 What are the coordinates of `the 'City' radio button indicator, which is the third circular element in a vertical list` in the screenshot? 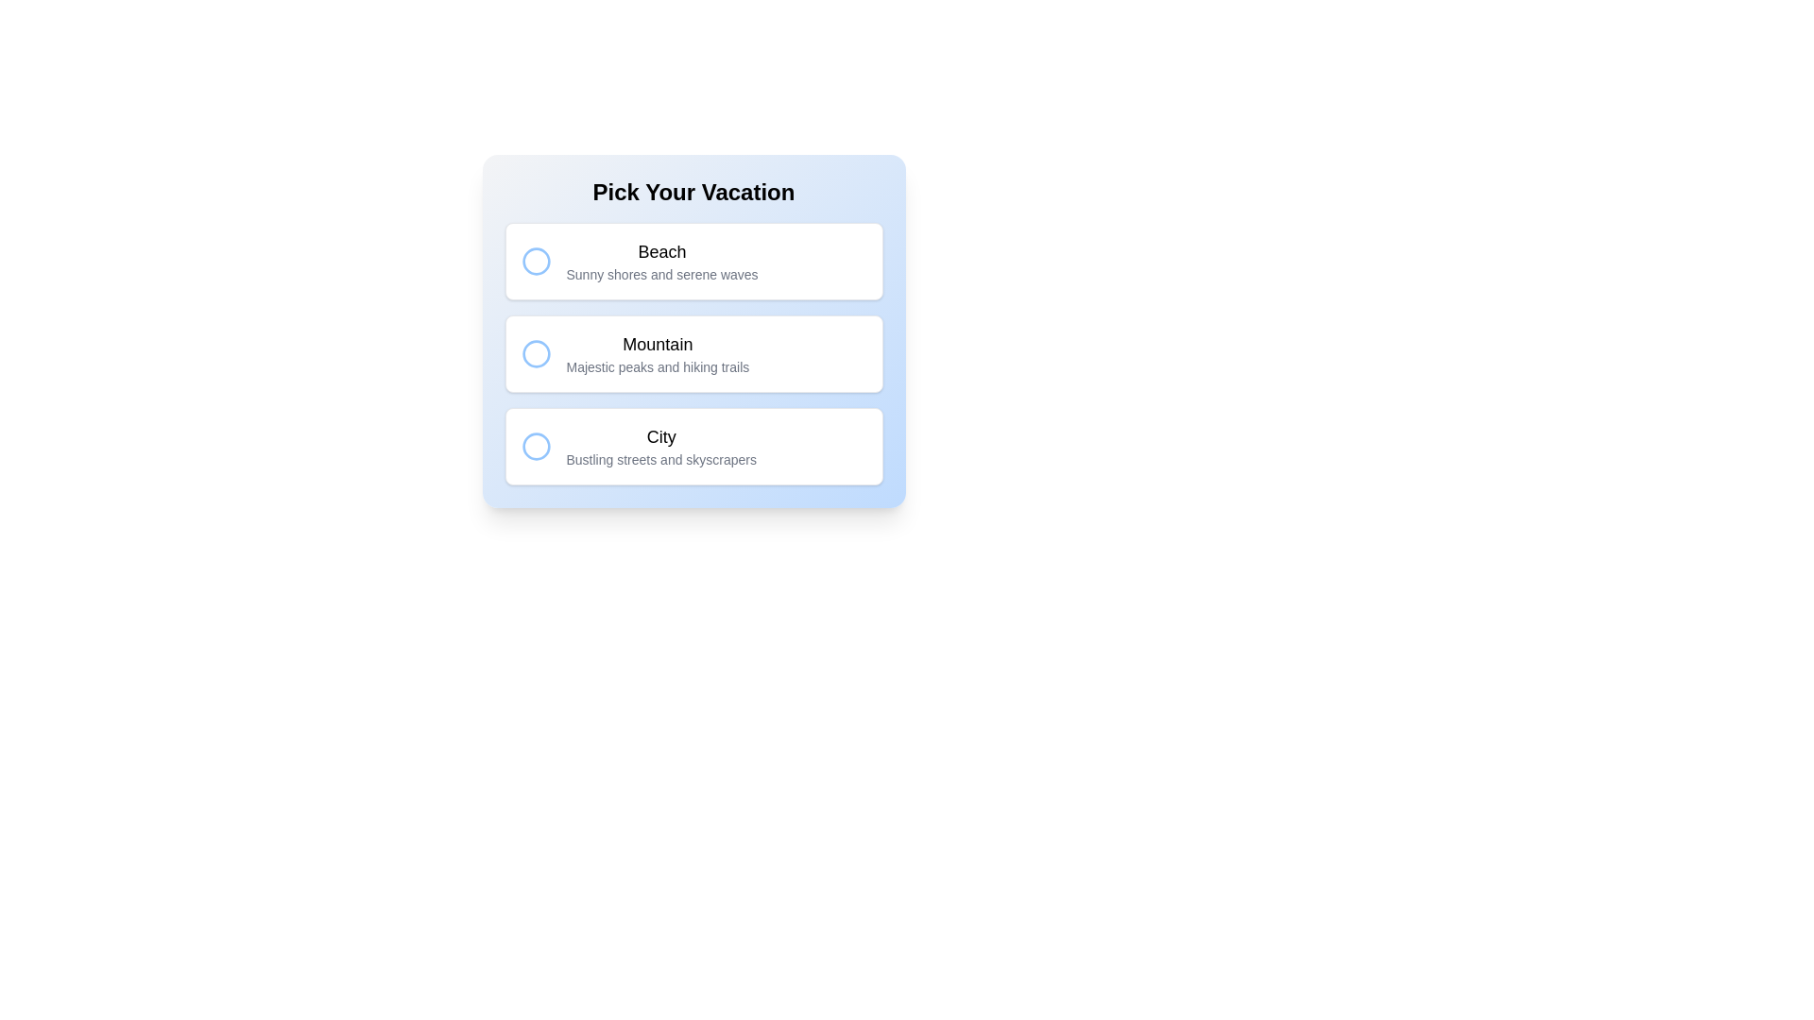 It's located at (535, 447).